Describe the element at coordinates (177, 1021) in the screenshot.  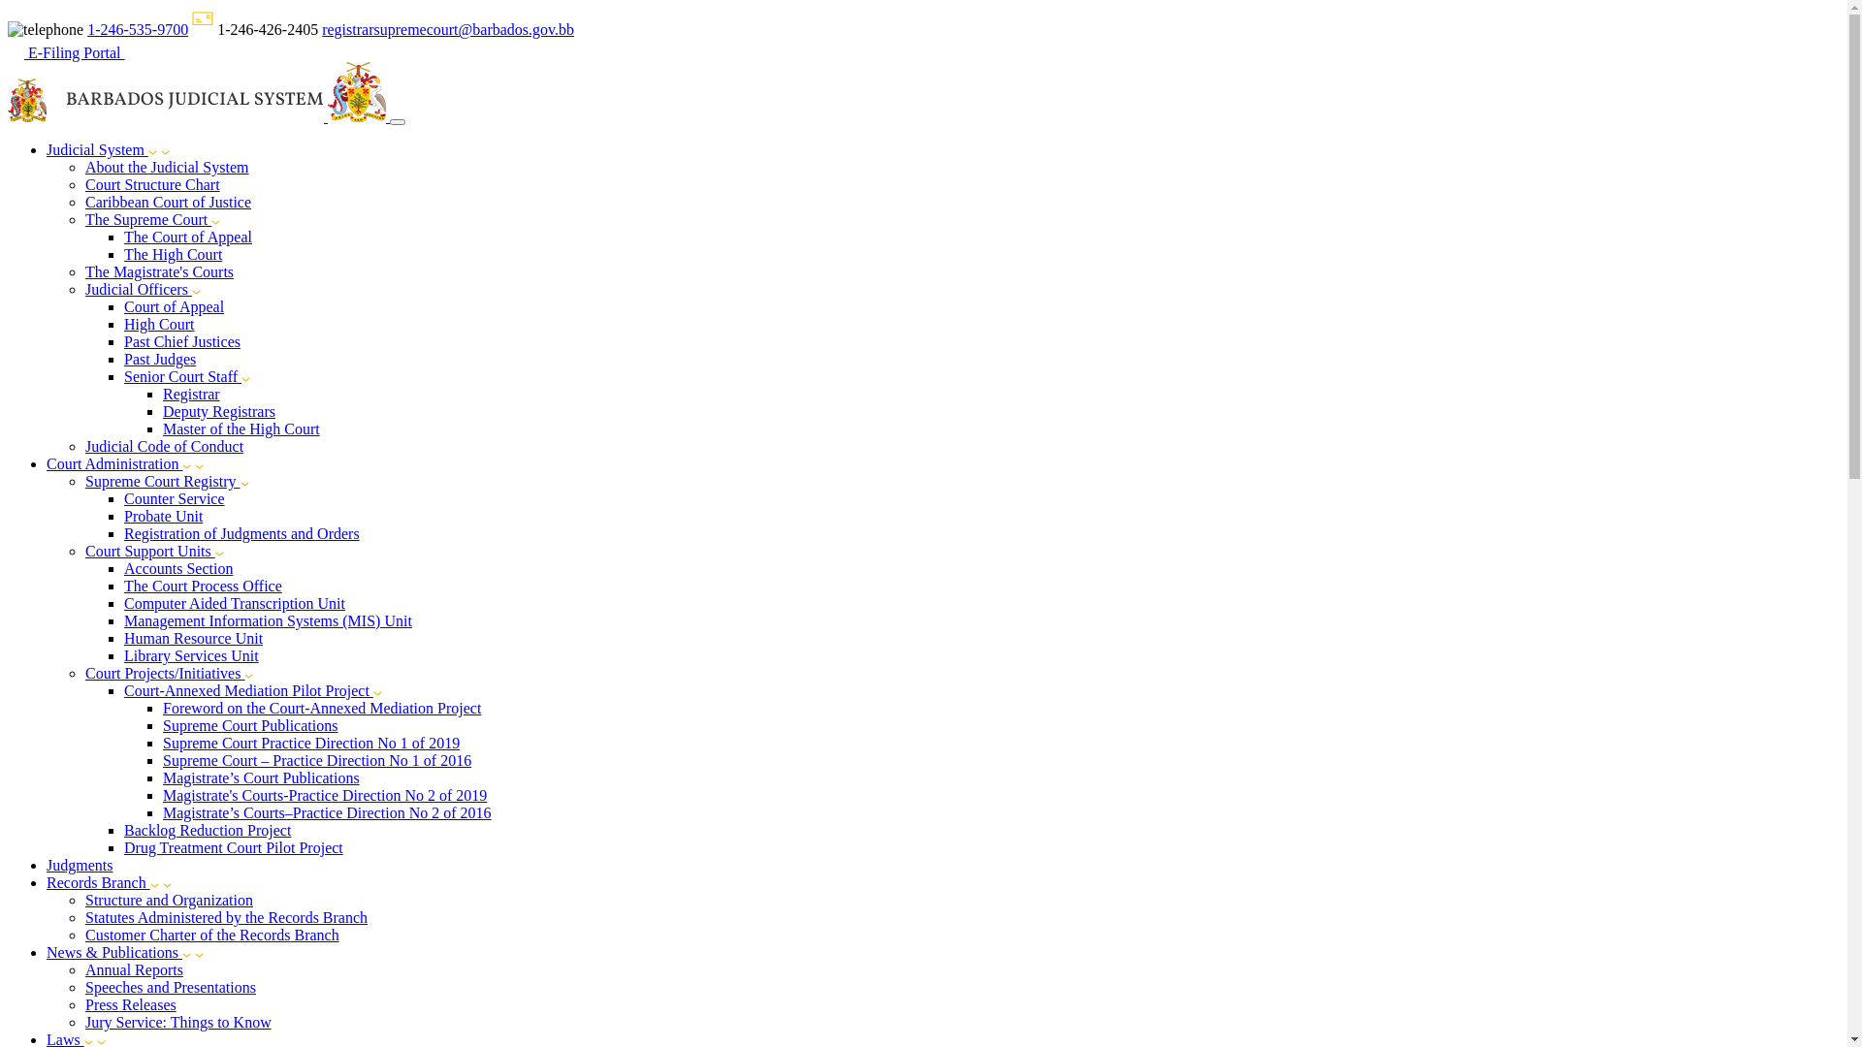
I see `'Jury Service: Things to Know'` at that location.